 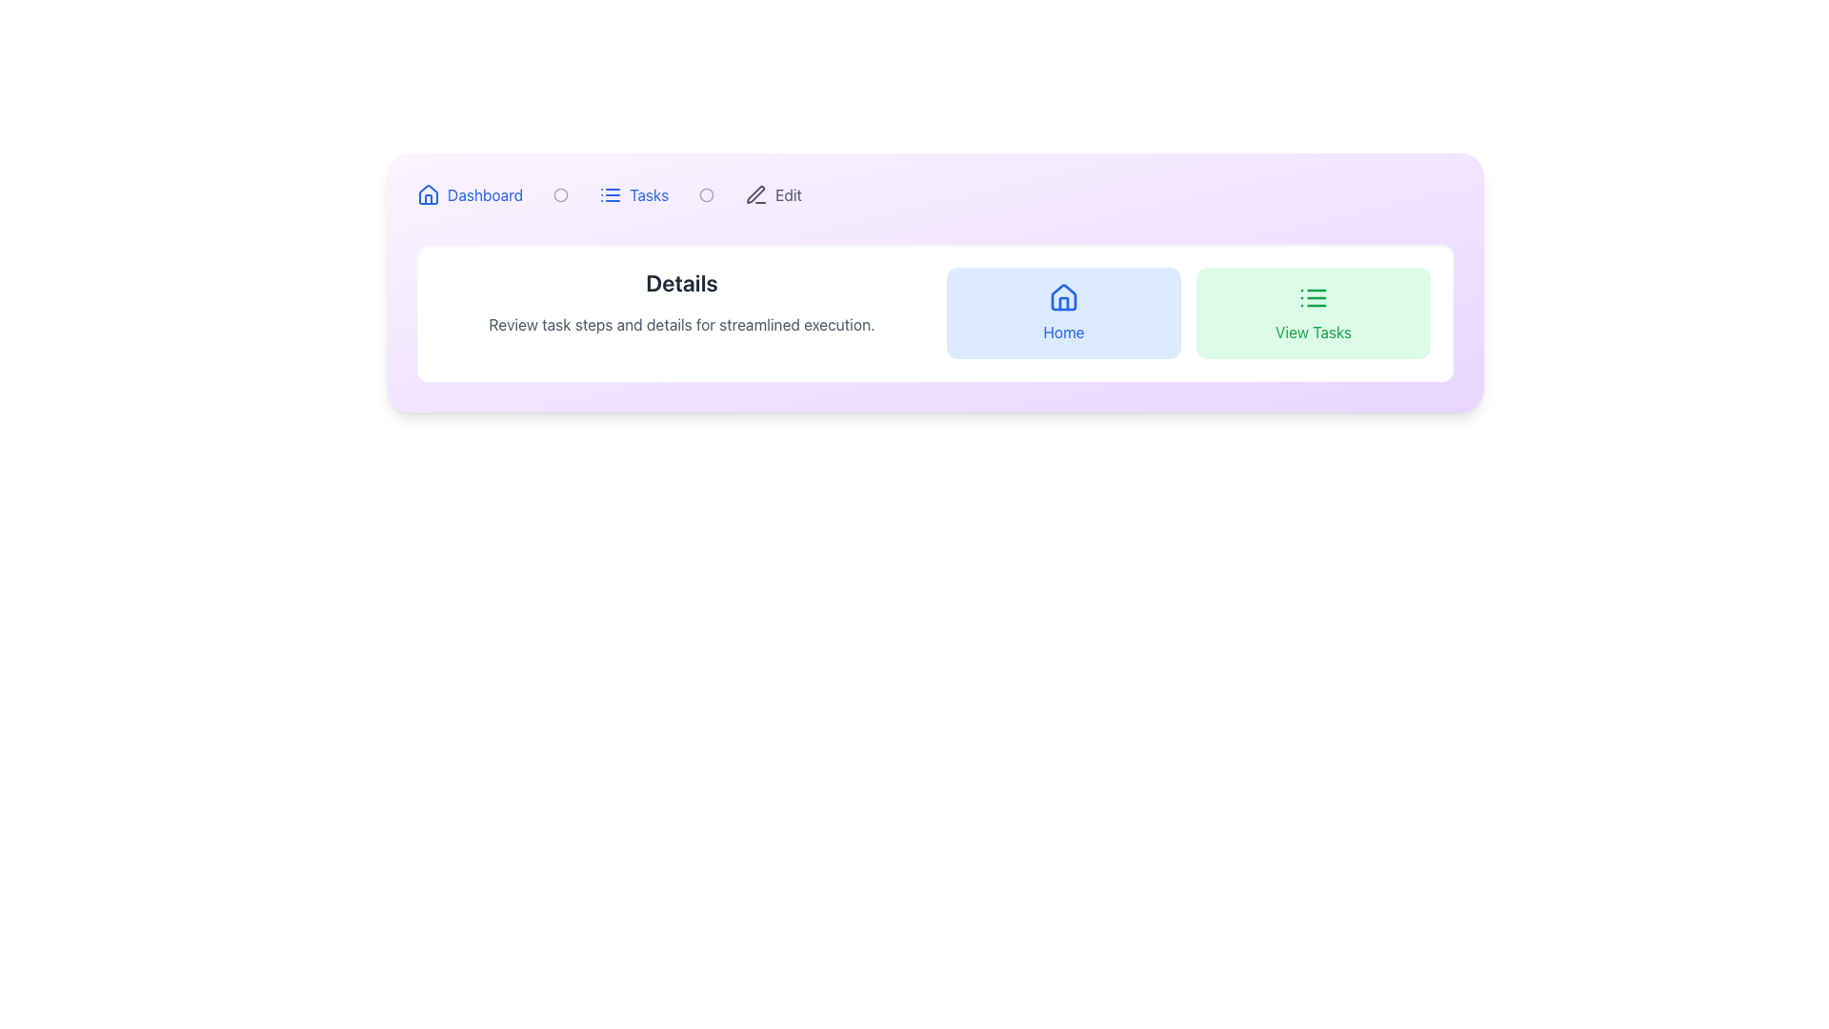 What do you see at coordinates (1063, 297) in the screenshot?
I see `the house icon which is centrally located within the blue square button labeled 'Home'` at bounding box center [1063, 297].